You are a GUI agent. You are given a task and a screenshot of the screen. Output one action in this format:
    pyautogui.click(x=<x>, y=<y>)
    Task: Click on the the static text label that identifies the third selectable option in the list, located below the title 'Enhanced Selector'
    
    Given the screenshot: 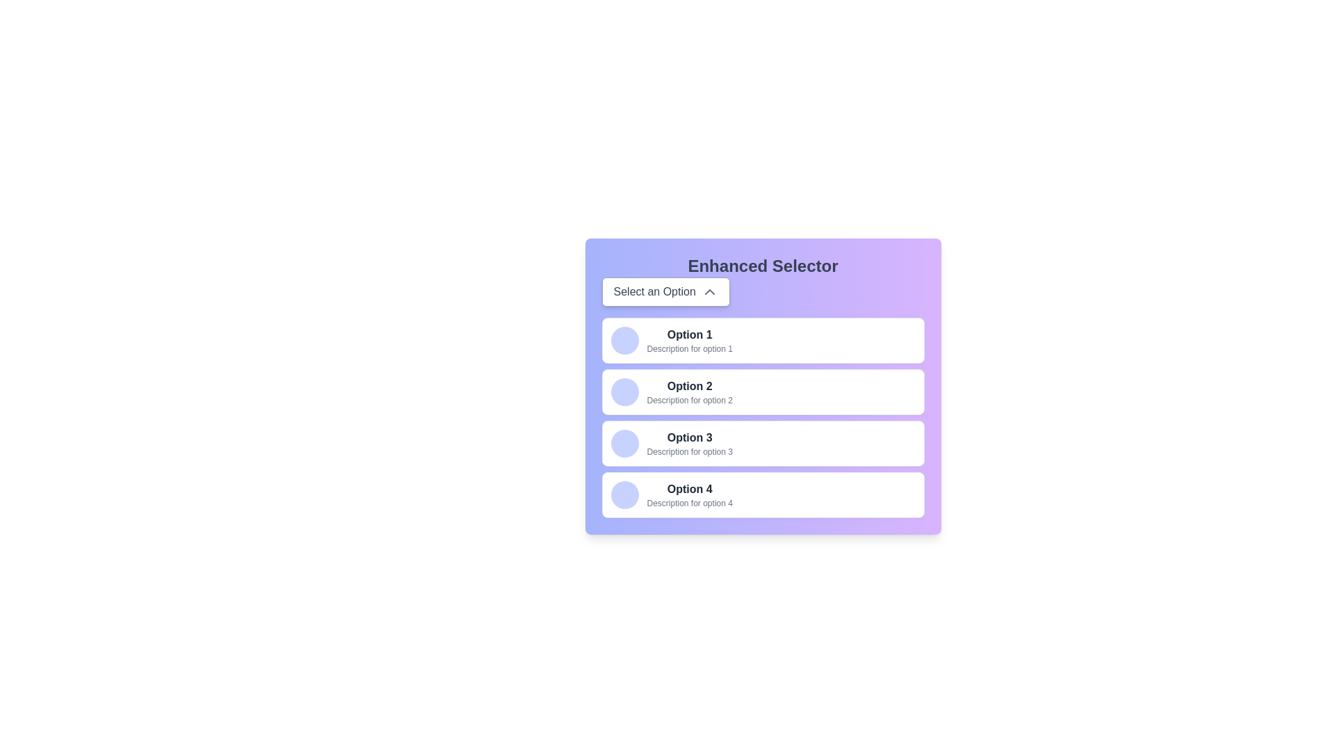 What is the action you would take?
    pyautogui.click(x=690, y=437)
    